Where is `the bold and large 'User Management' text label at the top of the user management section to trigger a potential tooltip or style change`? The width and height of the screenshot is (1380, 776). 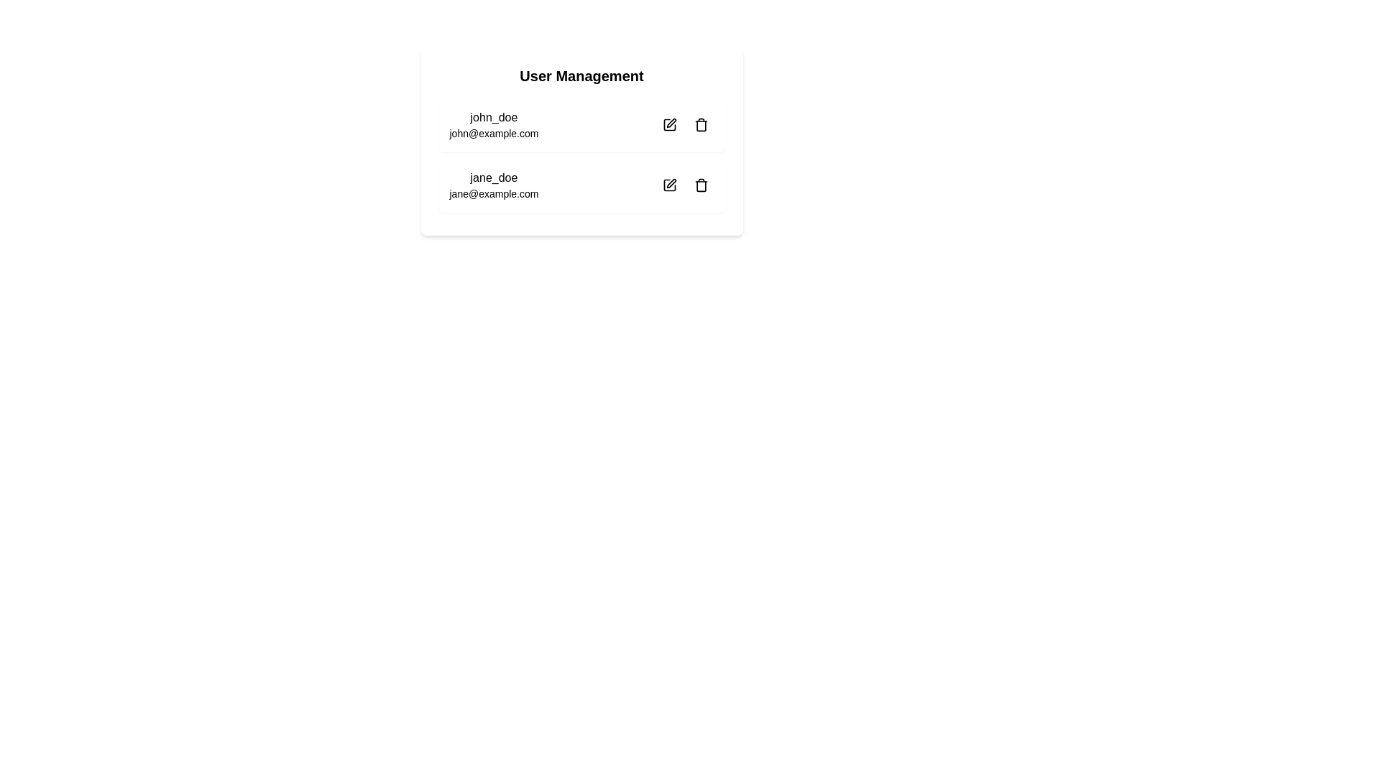
the bold and large 'User Management' text label at the top of the user management section to trigger a potential tooltip or style change is located at coordinates (581, 75).